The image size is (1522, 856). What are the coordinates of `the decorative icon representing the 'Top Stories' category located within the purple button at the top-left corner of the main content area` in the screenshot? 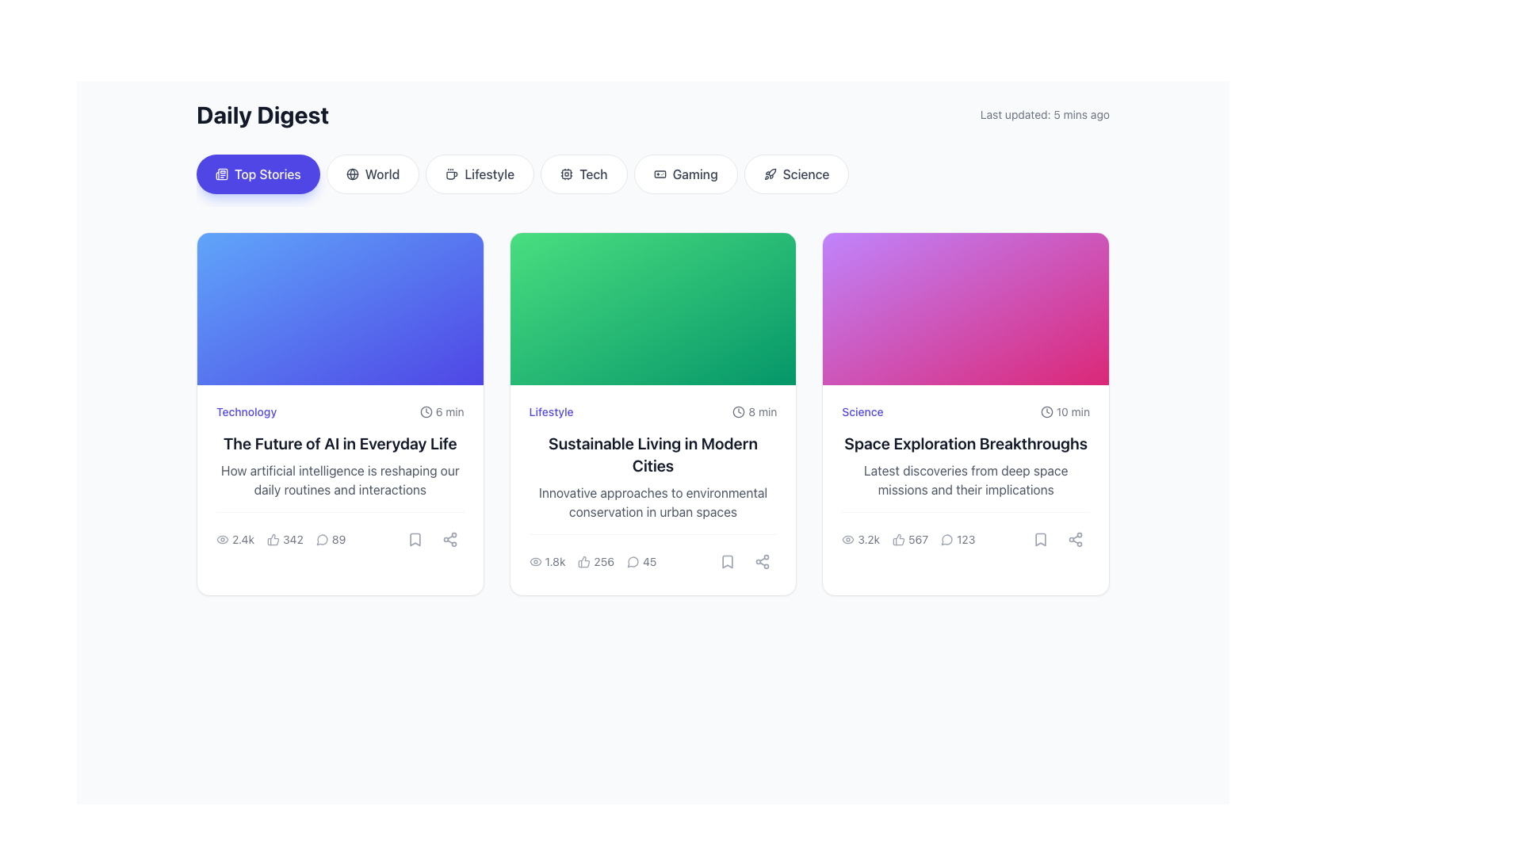 It's located at (220, 174).